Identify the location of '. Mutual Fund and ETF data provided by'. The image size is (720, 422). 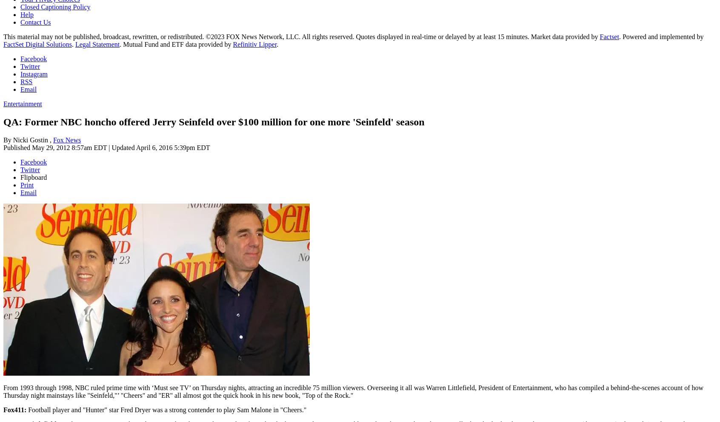
(176, 43).